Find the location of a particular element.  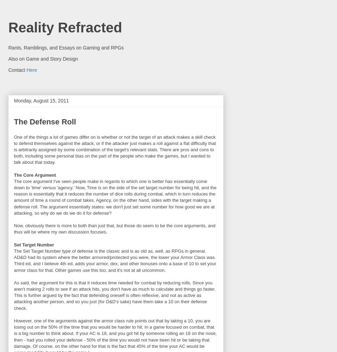

'Set Target Number' is located at coordinates (34, 244).